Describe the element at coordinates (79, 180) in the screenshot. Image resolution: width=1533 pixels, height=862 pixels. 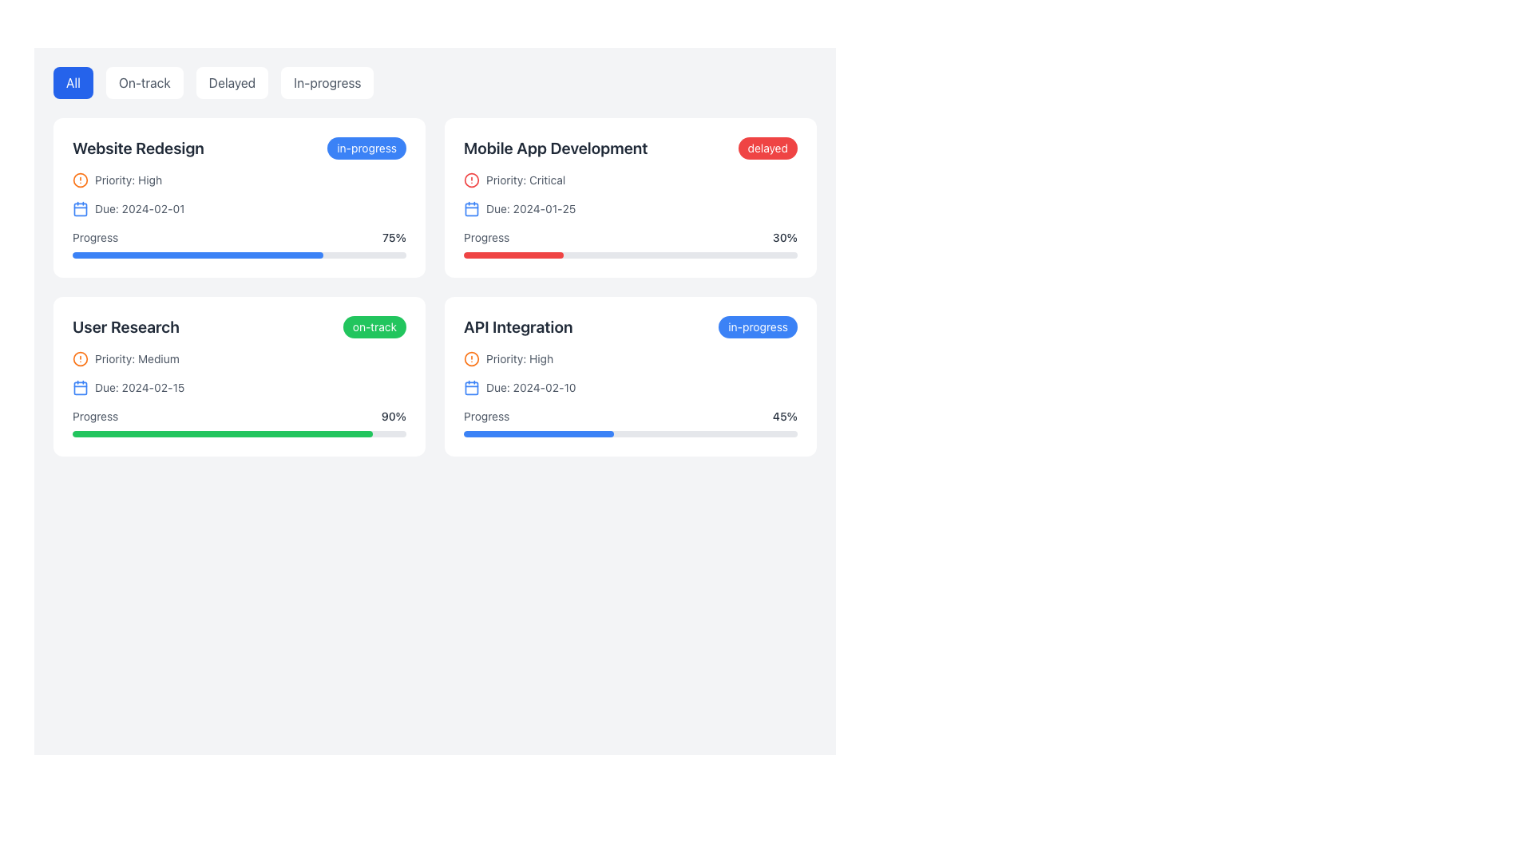
I see `the high priority alert icon located at the top-left corner of the 'Website Redesign' card, before the text 'Priority: High'` at that location.